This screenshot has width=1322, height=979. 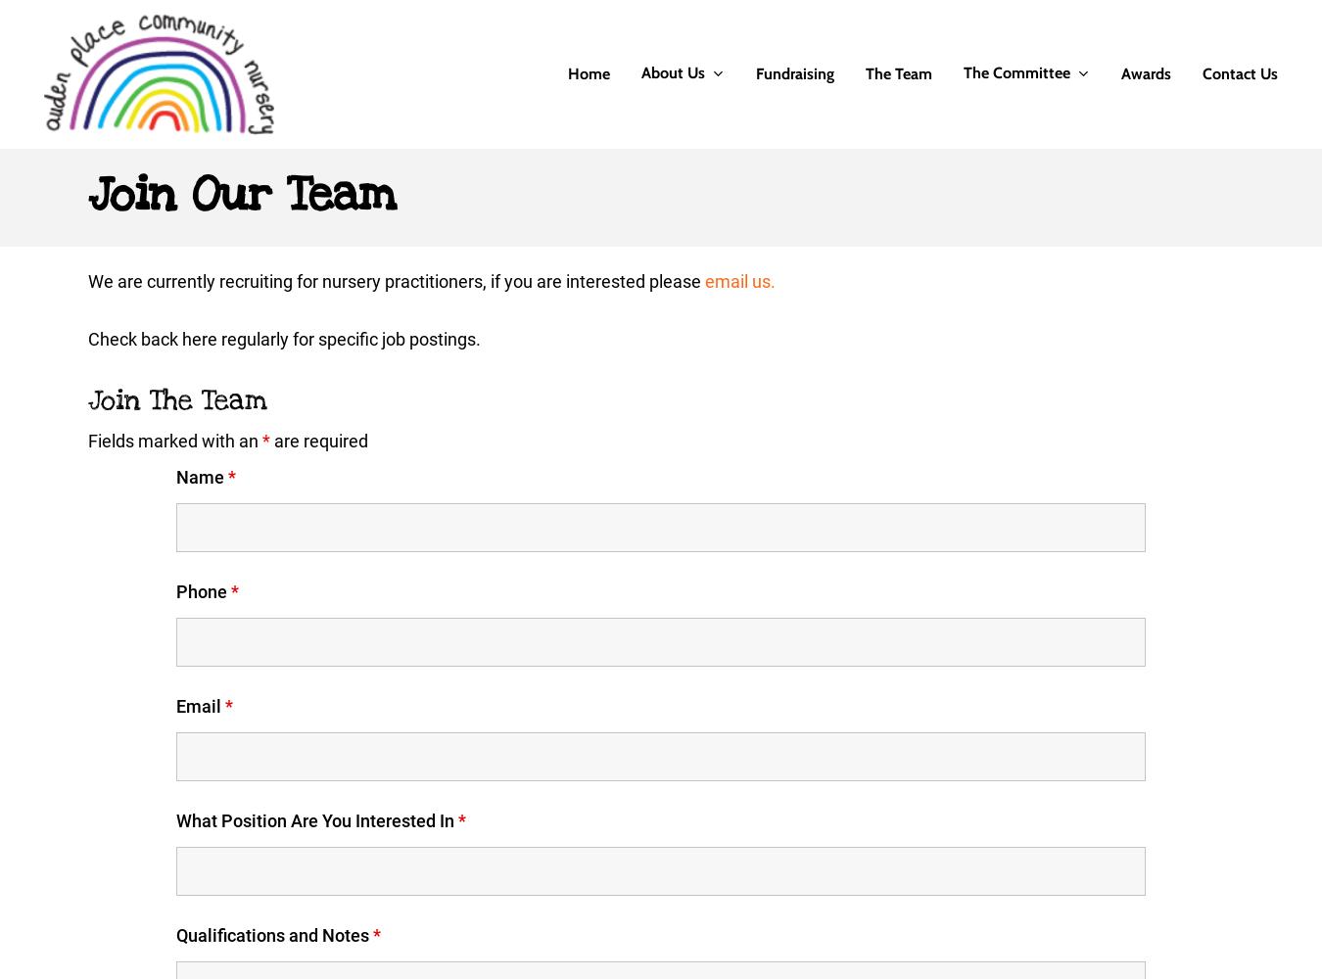 What do you see at coordinates (755, 72) in the screenshot?
I see `'Fundraising'` at bounding box center [755, 72].